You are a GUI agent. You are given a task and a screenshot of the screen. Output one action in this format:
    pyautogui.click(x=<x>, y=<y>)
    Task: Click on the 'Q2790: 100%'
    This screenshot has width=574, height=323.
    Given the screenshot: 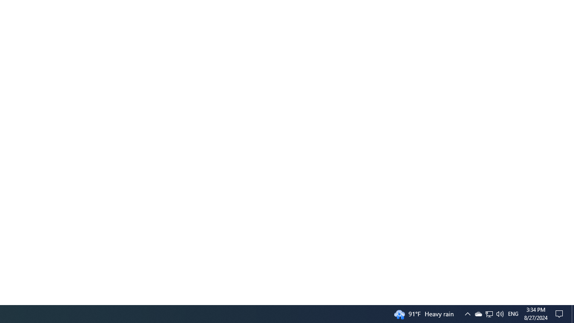 What is the action you would take?
    pyautogui.click(x=513, y=313)
    